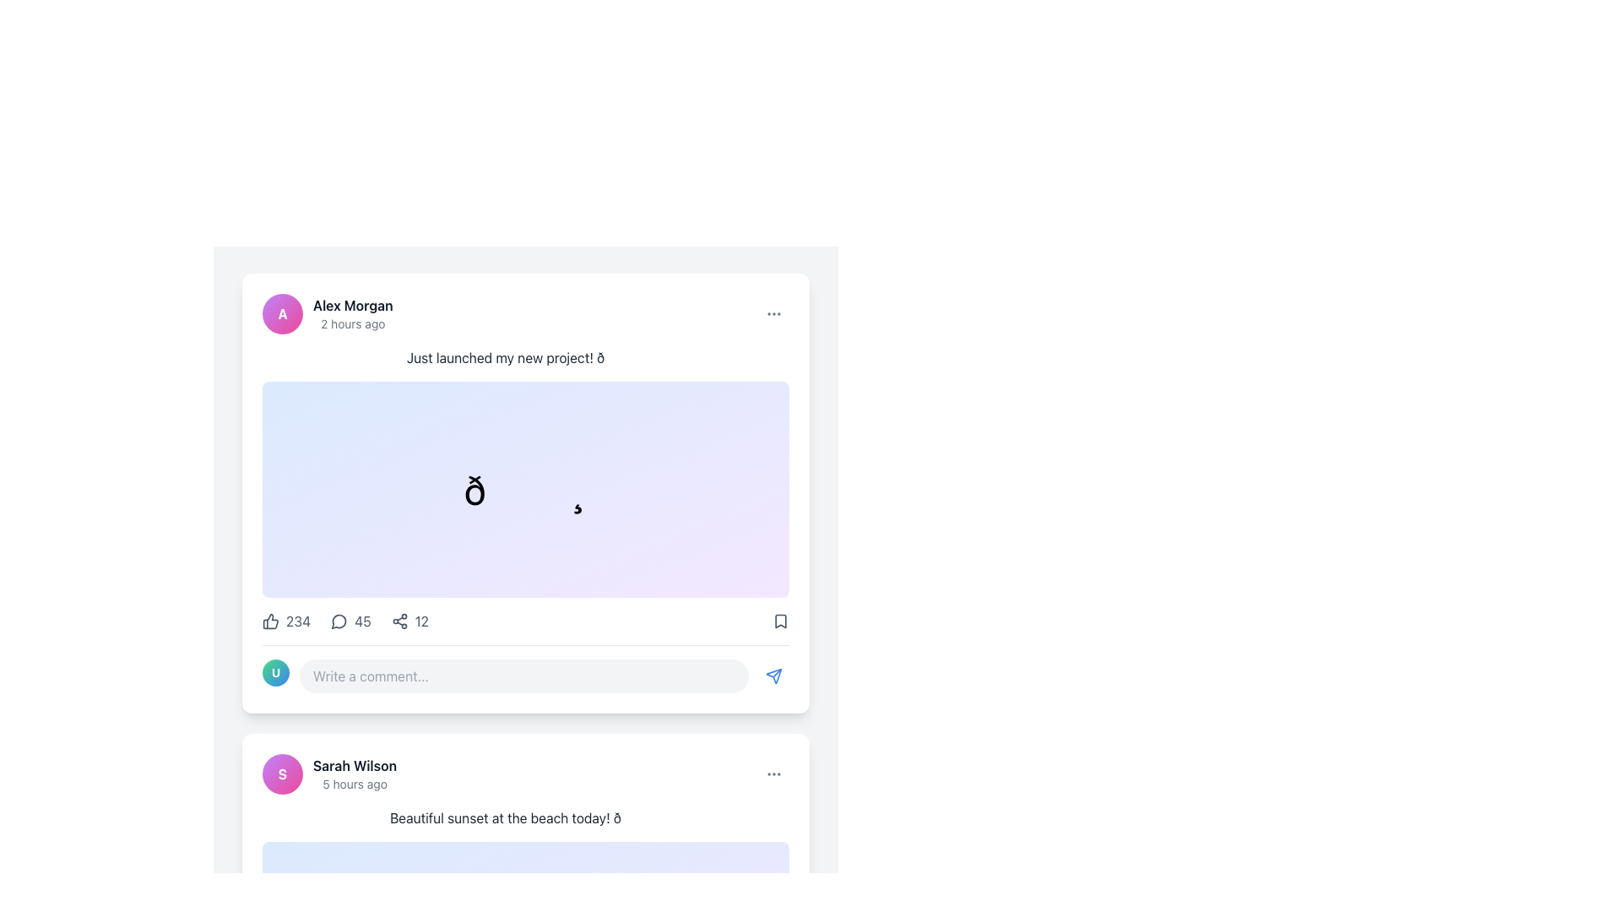 The width and height of the screenshot is (1621, 912). What do you see at coordinates (350, 622) in the screenshot?
I see `the Comment Indicator, which is the second interactive element in the row below the post, positioned between the likes and shares indicators` at bounding box center [350, 622].